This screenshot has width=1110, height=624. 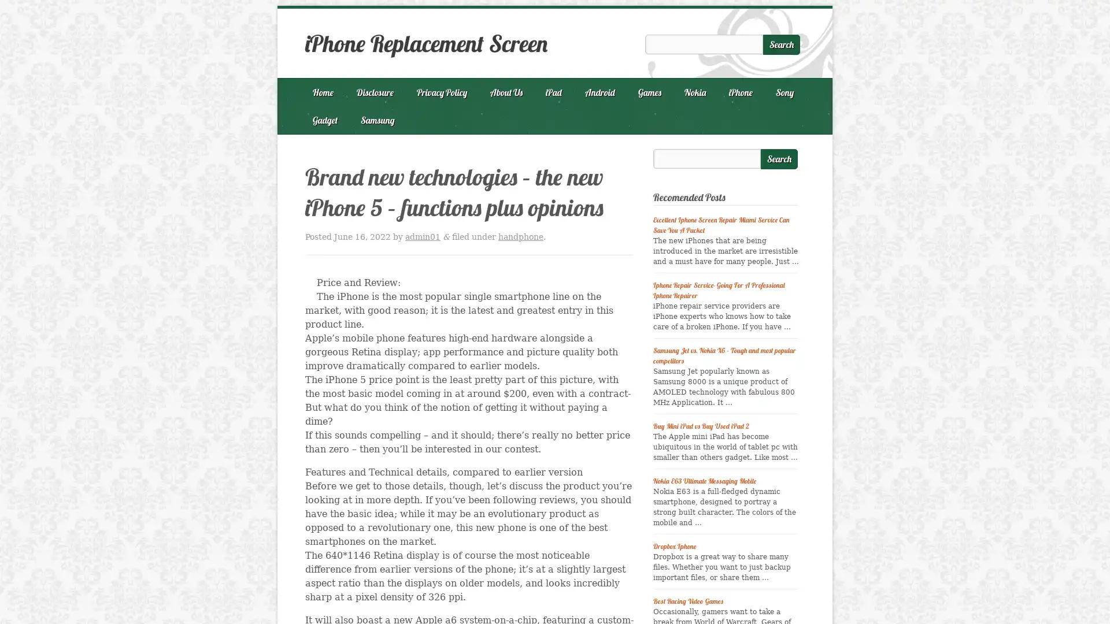 I want to click on Search, so click(x=779, y=159).